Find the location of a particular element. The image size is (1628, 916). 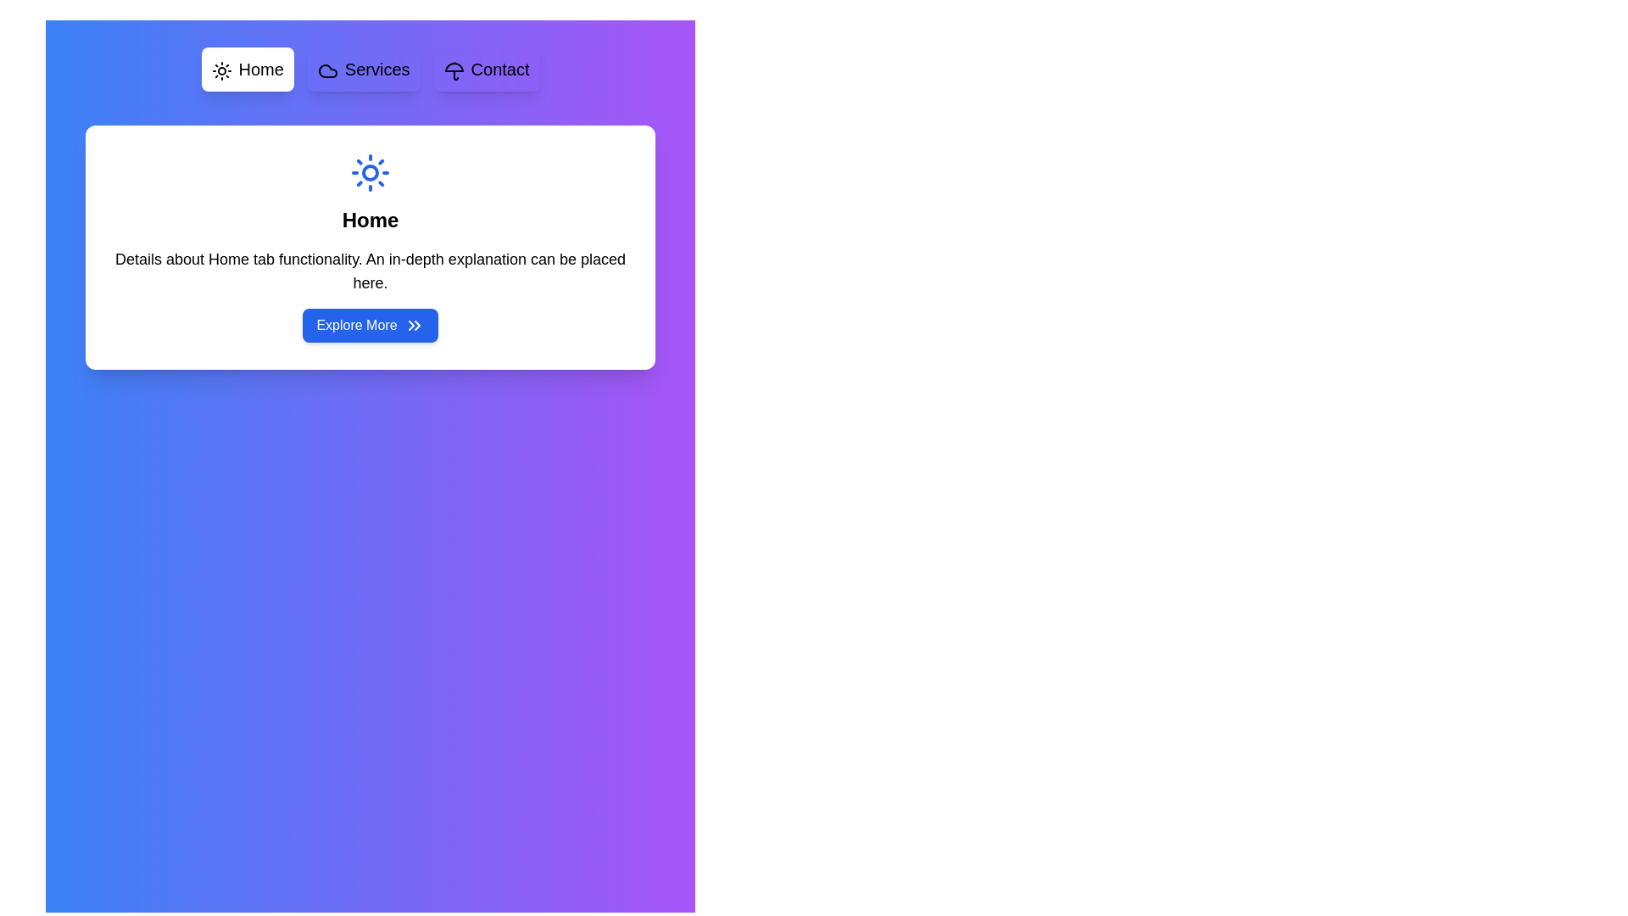

the small circular shape at the center of the sun graphic, which is the innermost circular feature surrounded by rays is located at coordinates (369, 173).